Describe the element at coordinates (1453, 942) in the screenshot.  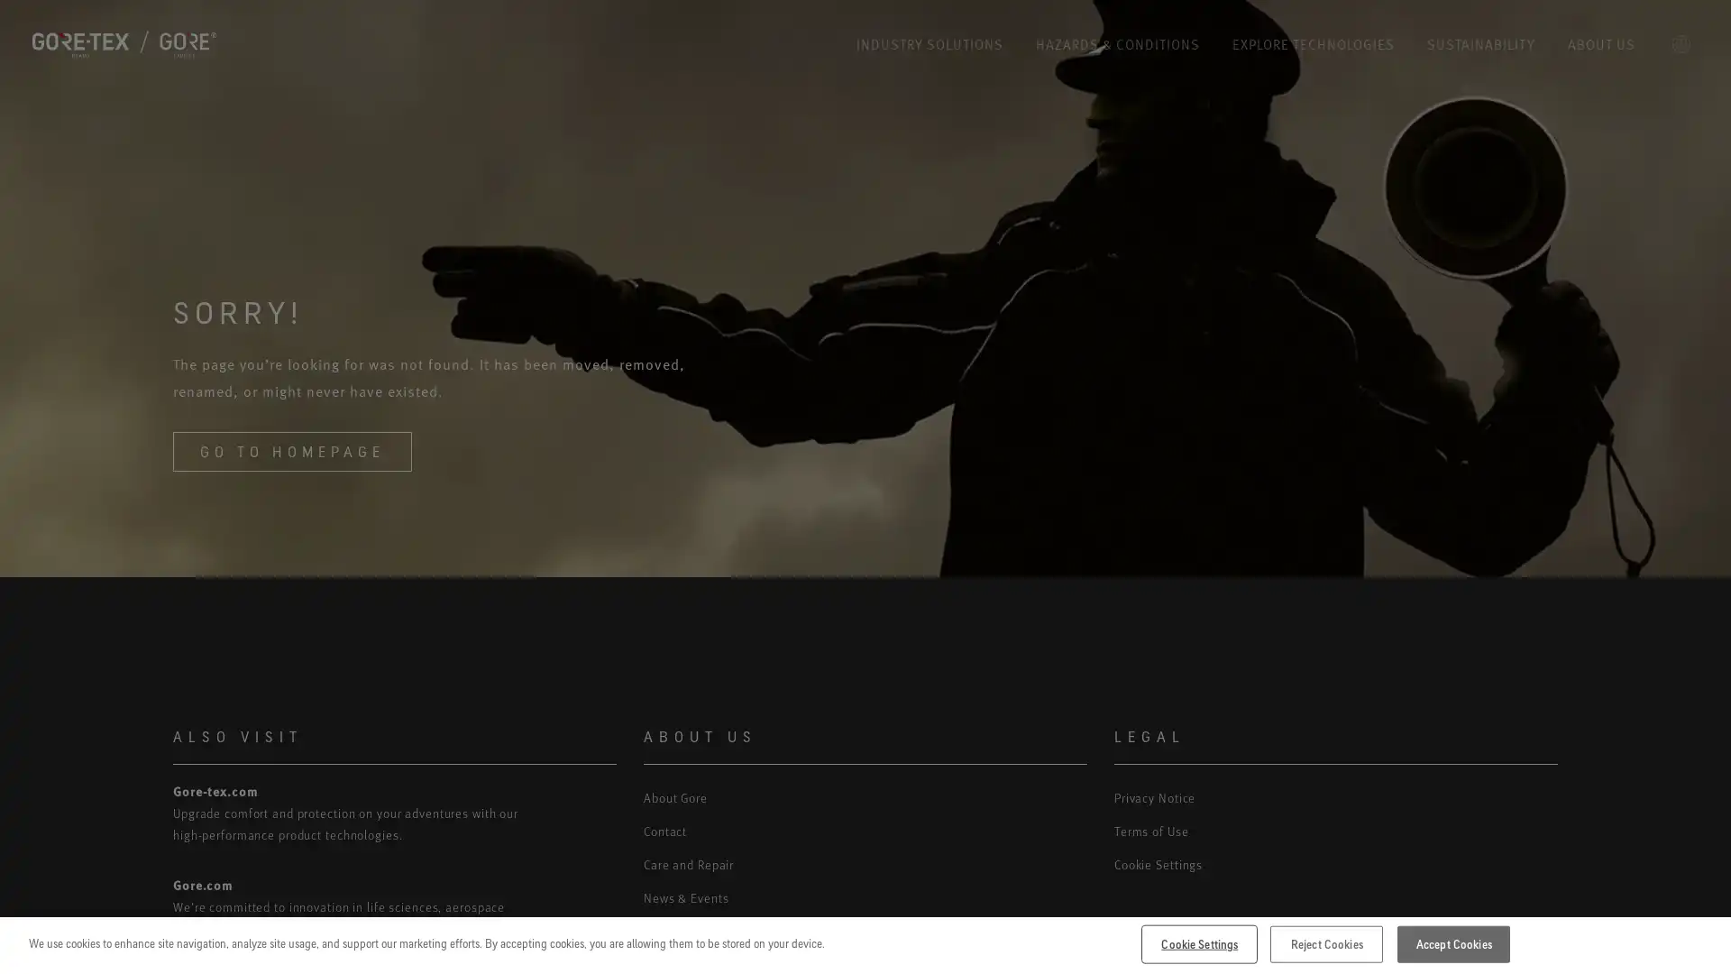
I see `Accept Cookies` at that location.